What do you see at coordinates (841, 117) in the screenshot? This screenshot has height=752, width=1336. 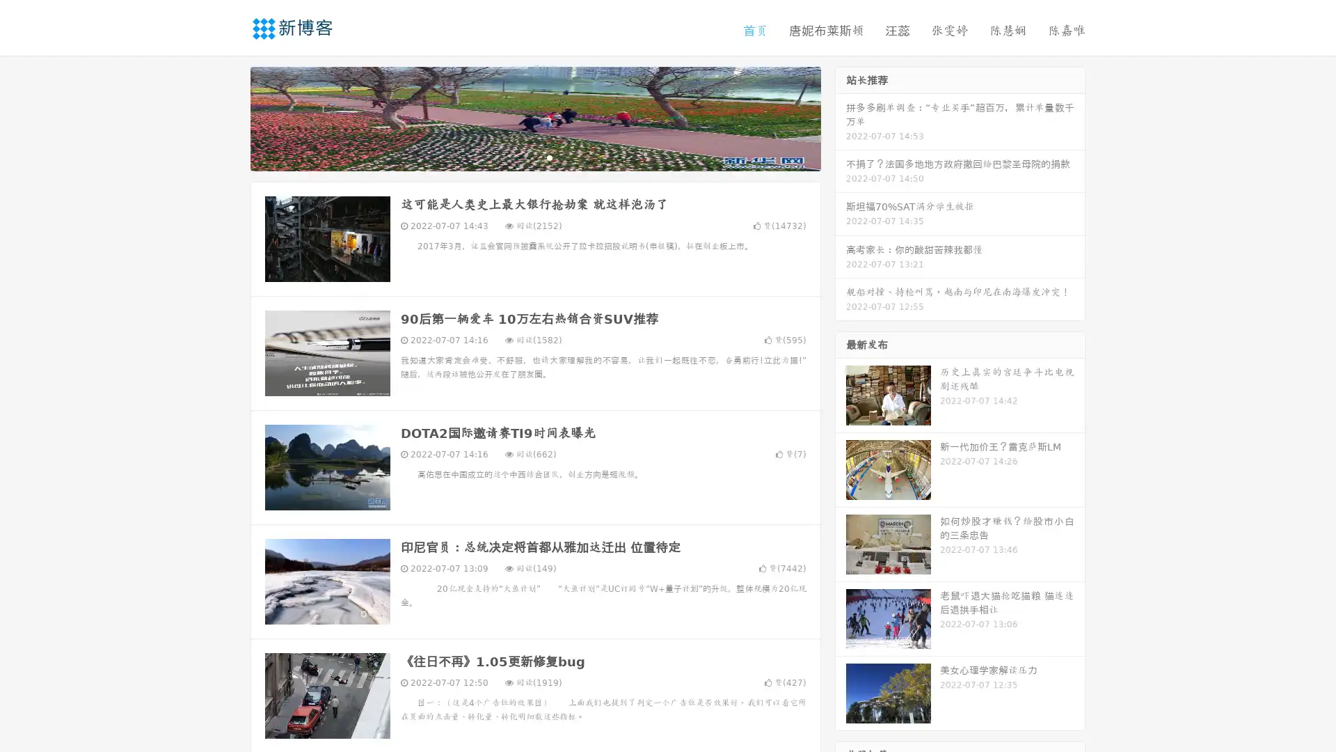 I see `Next slide` at bounding box center [841, 117].